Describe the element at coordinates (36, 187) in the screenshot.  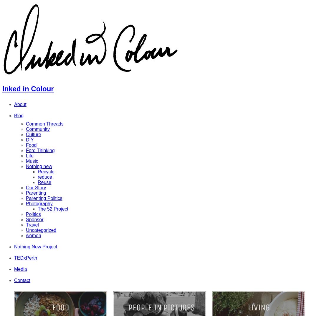
I see `'Our Story'` at that location.